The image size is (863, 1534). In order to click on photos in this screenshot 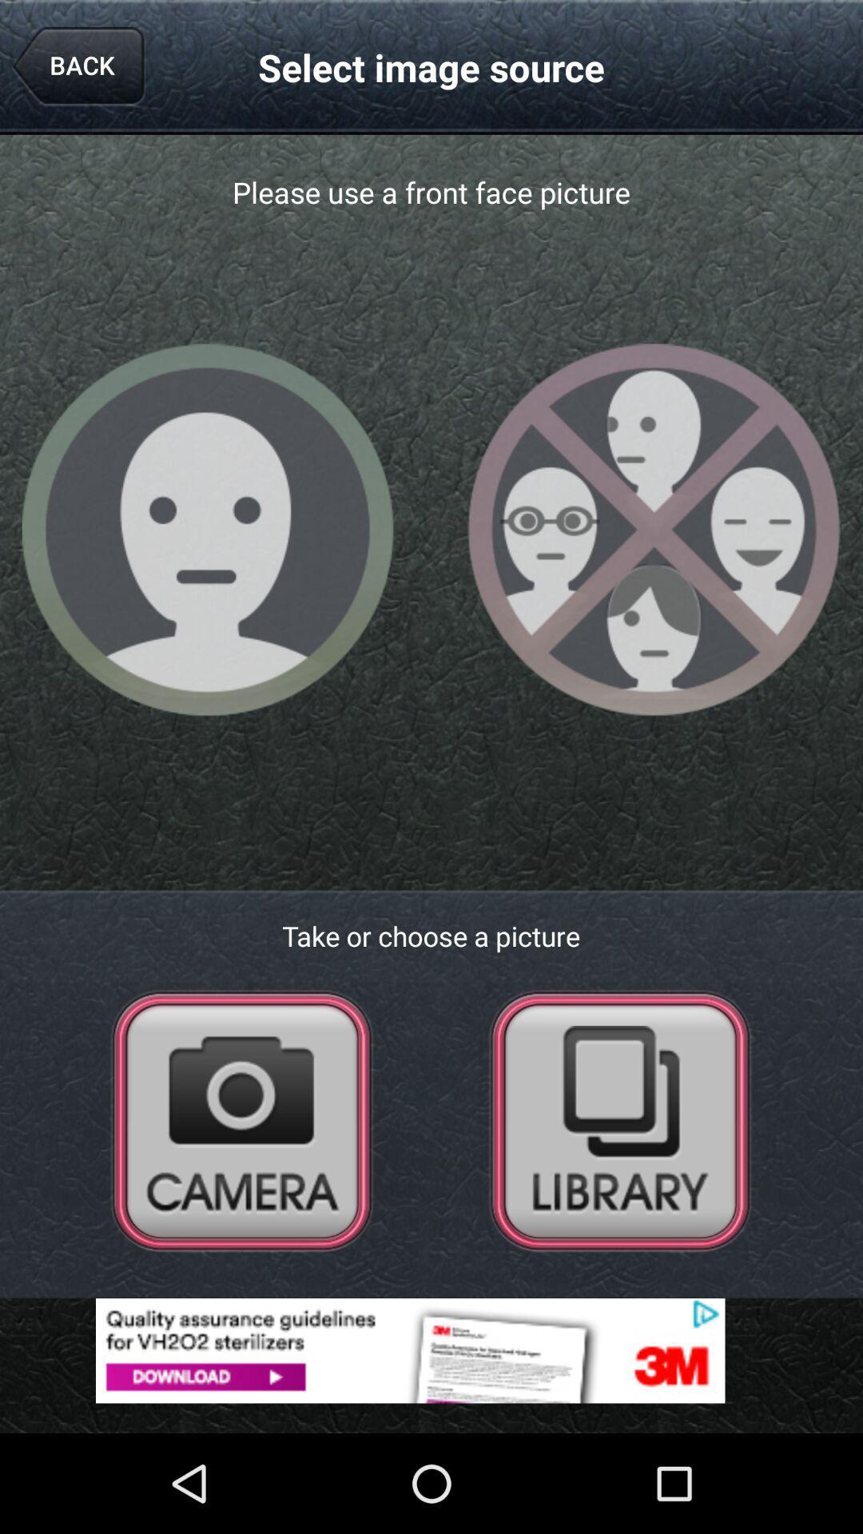, I will do `click(619, 1119)`.